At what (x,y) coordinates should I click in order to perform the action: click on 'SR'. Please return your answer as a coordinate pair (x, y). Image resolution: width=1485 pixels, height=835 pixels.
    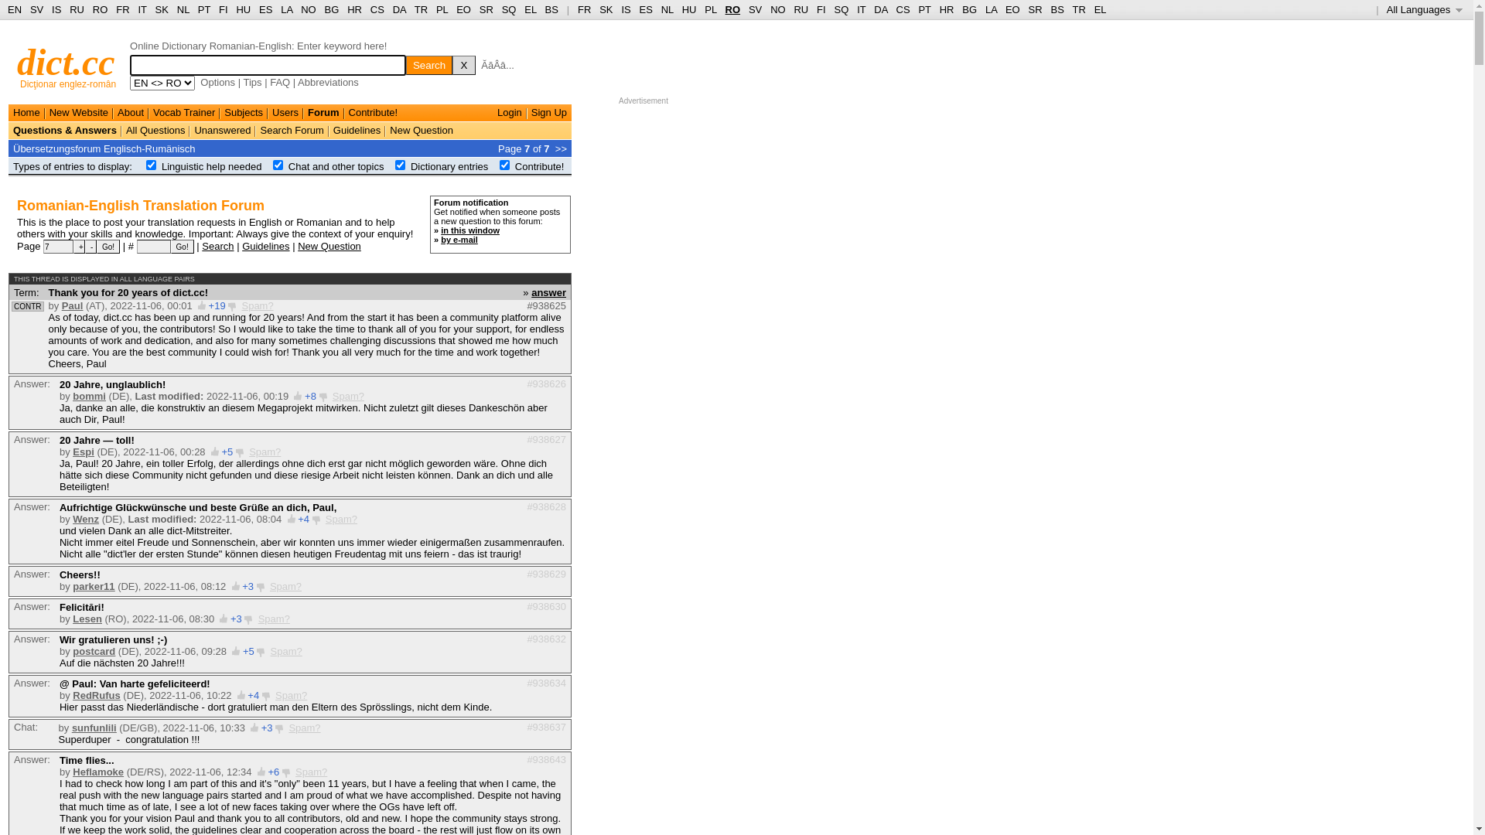
    Looking at the image, I should click on (485, 9).